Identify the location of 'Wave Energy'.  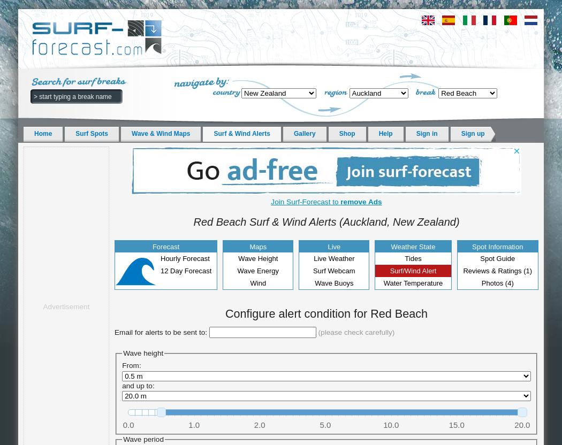
(257, 270).